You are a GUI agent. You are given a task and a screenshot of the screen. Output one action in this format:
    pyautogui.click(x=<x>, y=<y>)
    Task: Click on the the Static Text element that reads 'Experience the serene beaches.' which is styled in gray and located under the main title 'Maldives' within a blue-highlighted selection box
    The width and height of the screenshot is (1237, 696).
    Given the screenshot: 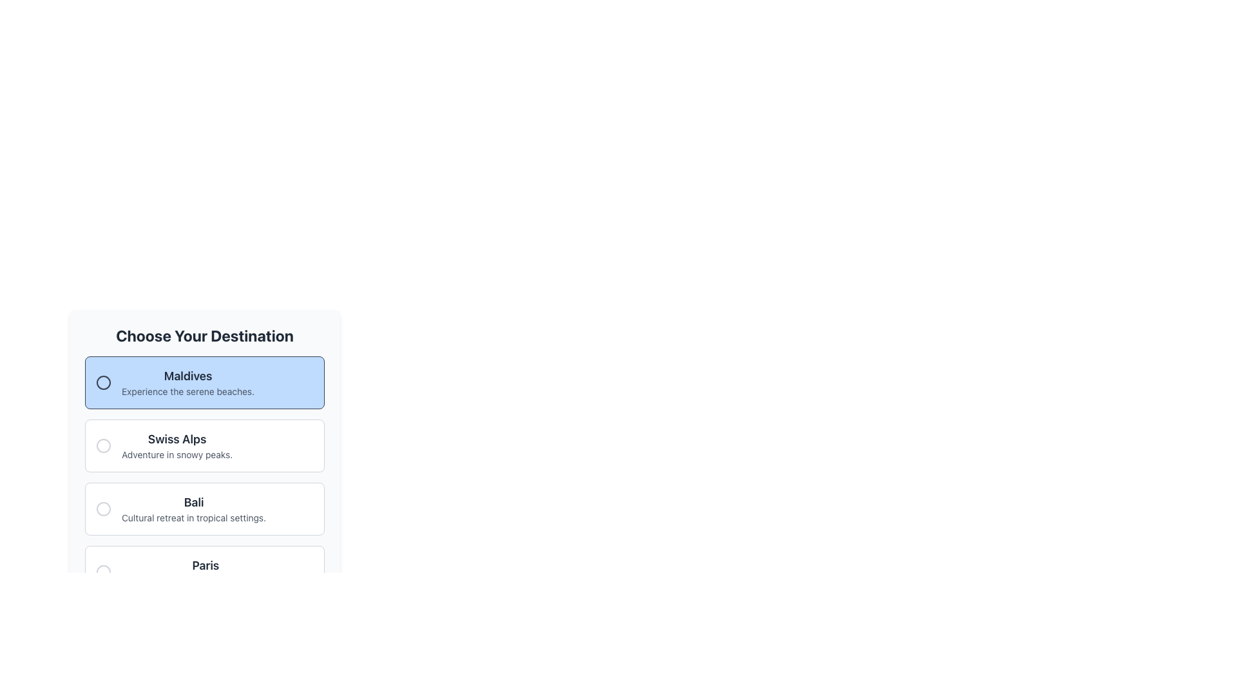 What is the action you would take?
    pyautogui.click(x=187, y=391)
    